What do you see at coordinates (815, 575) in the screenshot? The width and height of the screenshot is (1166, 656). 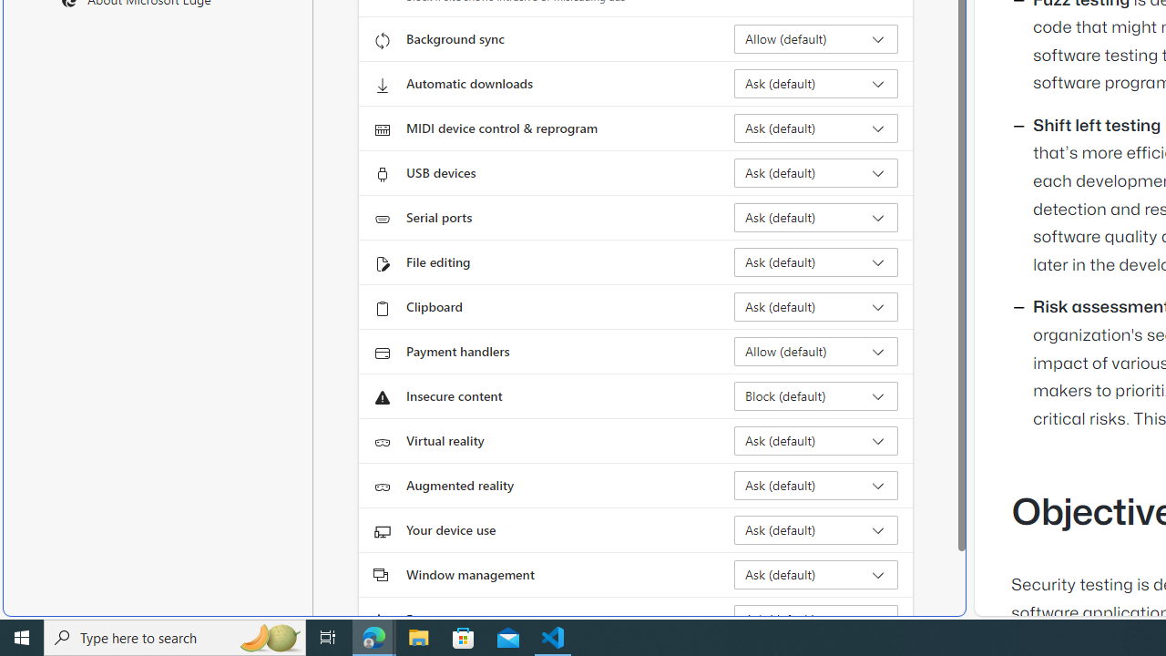 I see `'Window management Ask (default)'` at bounding box center [815, 575].